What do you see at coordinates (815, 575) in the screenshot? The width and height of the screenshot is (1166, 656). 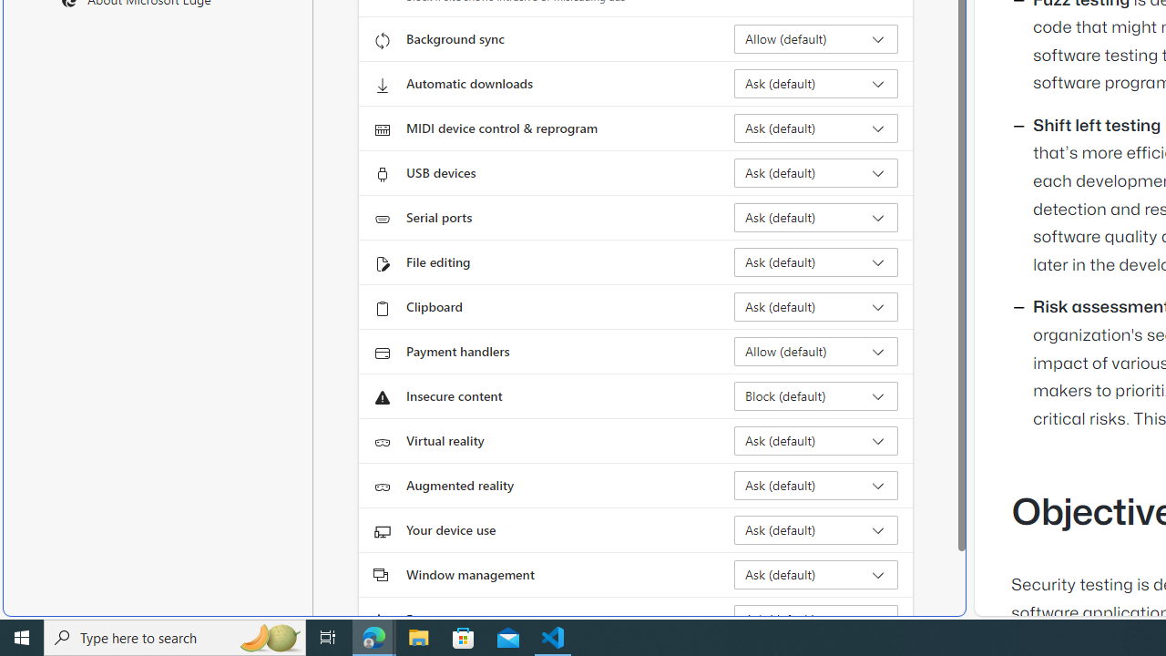 I see `'Window management Ask (default)'` at bounding box center [815, 575].